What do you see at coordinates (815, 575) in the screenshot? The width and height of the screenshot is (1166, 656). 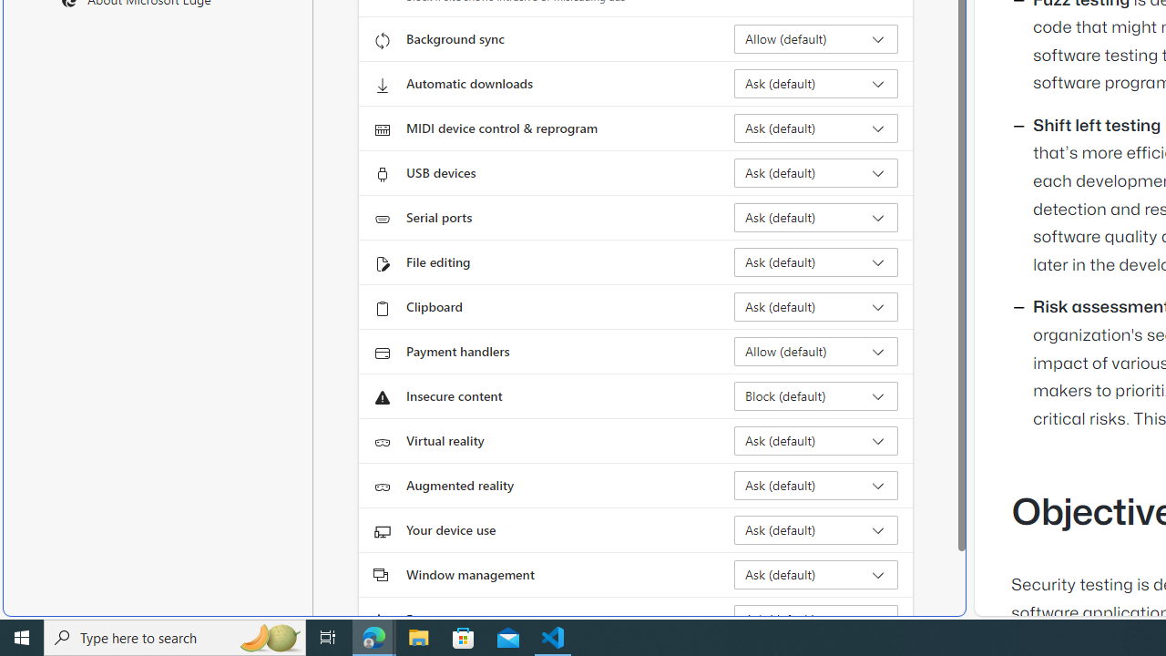 I see `'Window management Ask (default)'` at bounding box center [815, 575].